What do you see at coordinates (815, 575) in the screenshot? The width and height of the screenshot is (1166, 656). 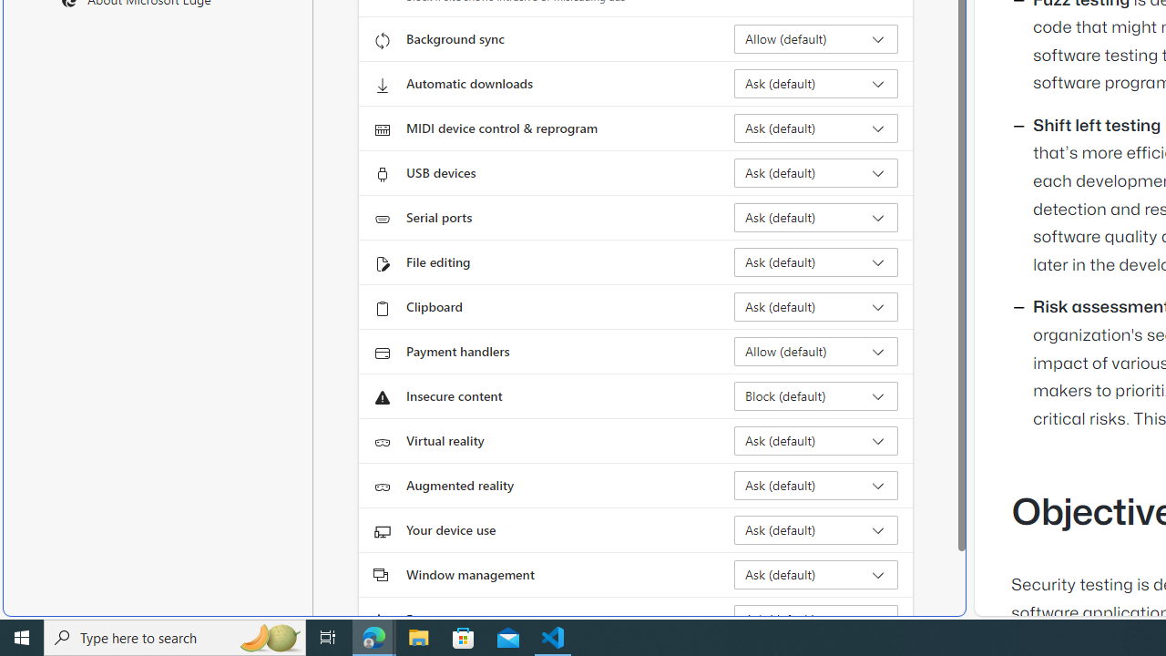 I see `'Window management Ask (default)'` at bounding box center [815, 575].